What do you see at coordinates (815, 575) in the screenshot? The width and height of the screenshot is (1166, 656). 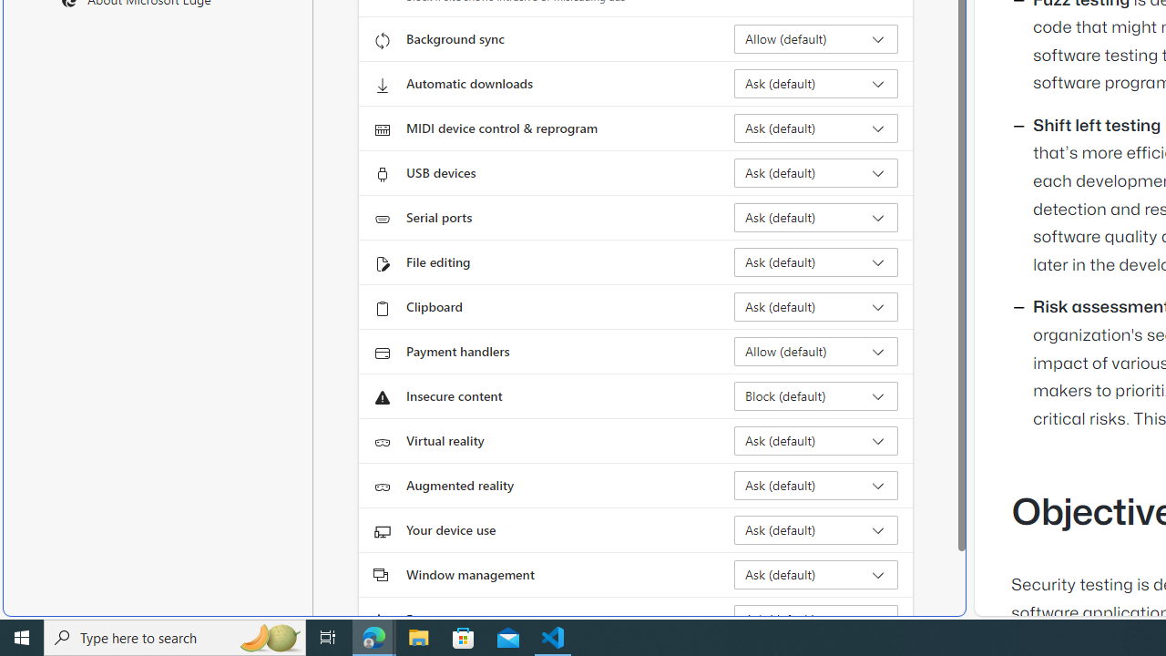 I see `'Window management Ask (default)'` at bounding box center [815, 575].